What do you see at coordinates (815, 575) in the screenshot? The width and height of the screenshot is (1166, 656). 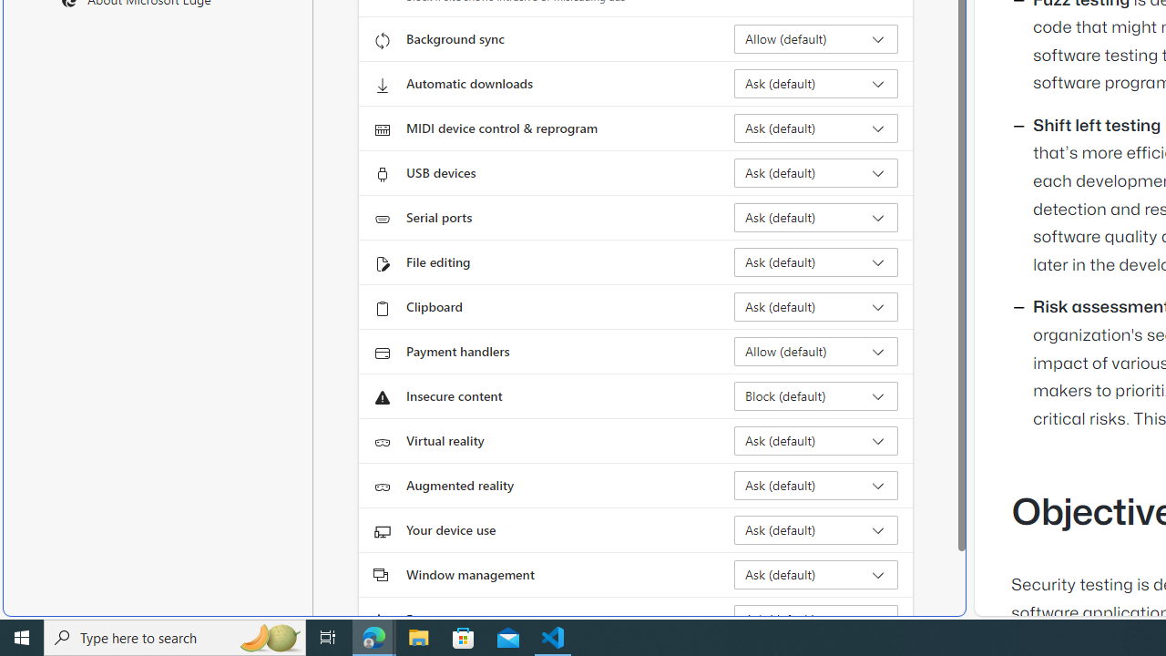 I see `'Window management Ask (default)'` at bounding box center [815, 575].